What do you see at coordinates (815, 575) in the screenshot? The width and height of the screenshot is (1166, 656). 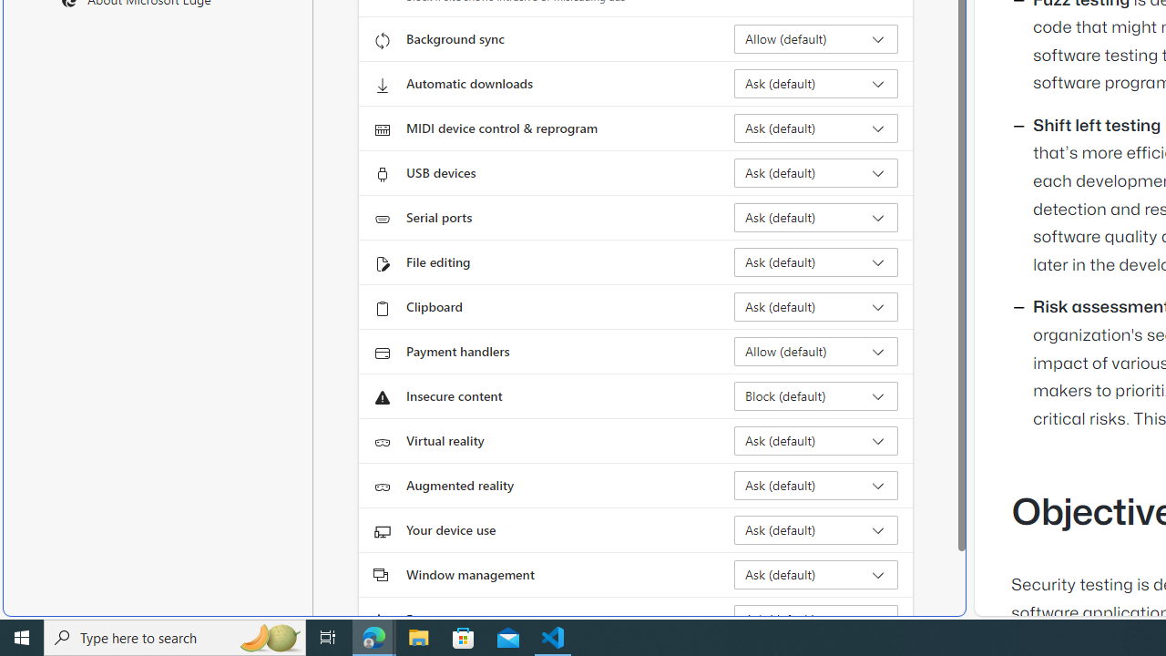 I see `'Window management Ask (default)'` at bounding box center [815, 575].